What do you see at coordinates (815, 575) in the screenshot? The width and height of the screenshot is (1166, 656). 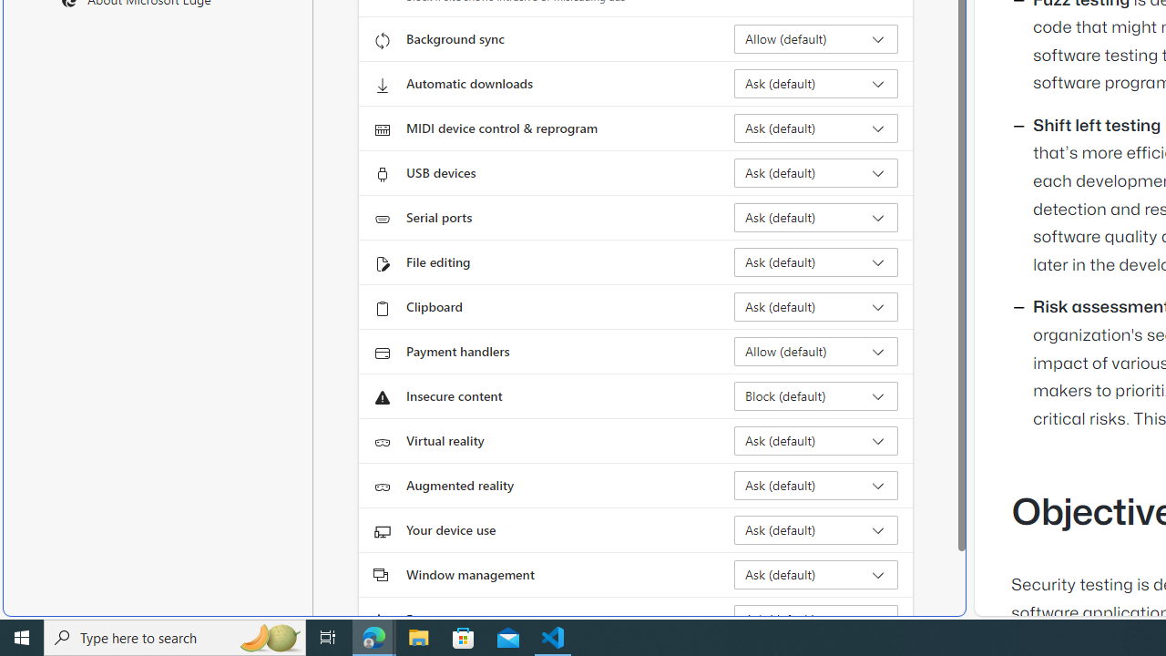 I see `'Window management Ask (default)'` at bounding box center [815, 575].